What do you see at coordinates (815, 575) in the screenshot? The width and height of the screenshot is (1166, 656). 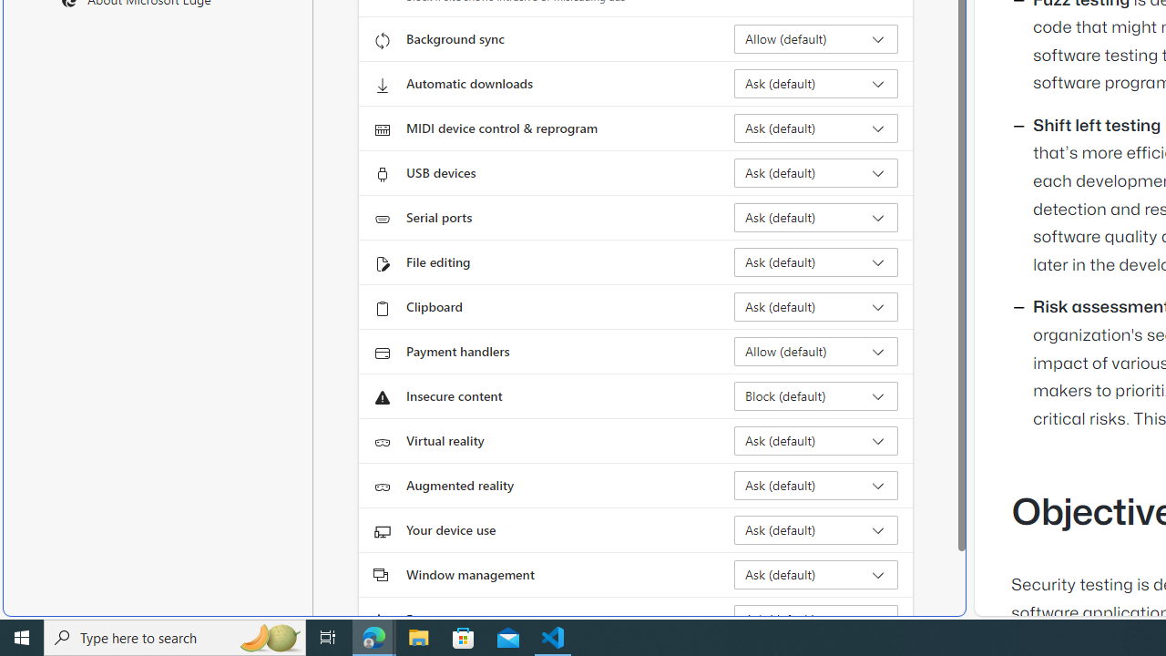 I see `'Window management Ask (default)'` at bounding box center [815, 575].